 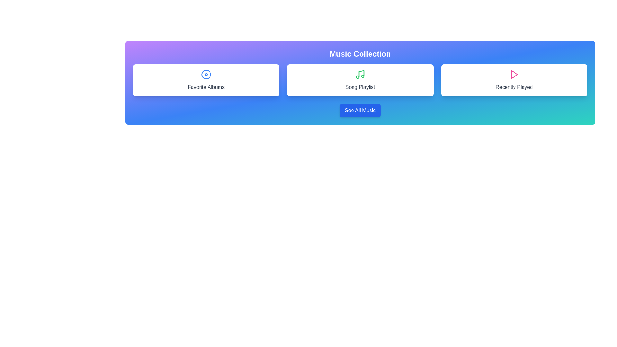 What do you see at coordinates (206, 87) in the screenshot?
I see `the 'Favorite Albums' text label, which is displayed in a medium, gray-colored font within a minimalistic card interface, positioned below a small disc icon` at bounding box center [206, 87].